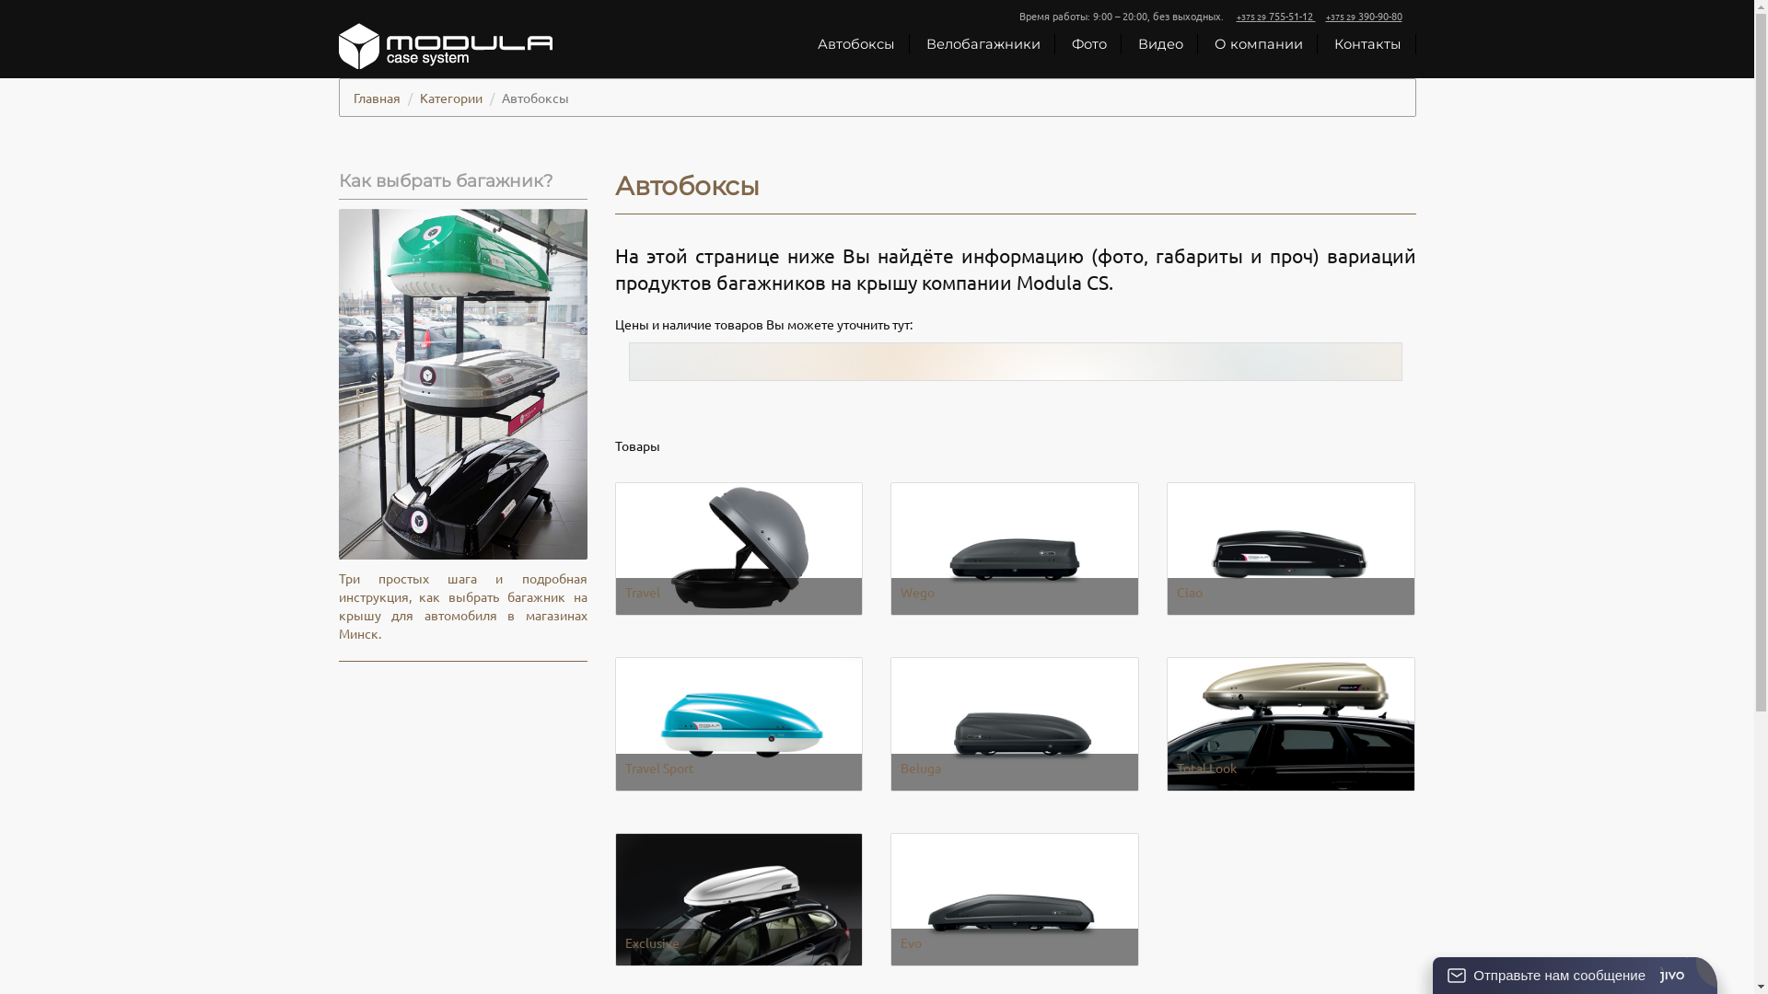 The width and height of the screenshot is (1768, 994). I want to click on '+375 29 755-51-12', so click(1236, 15).